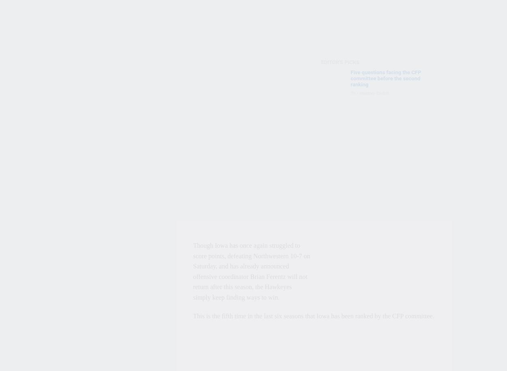 The image size is (507, 371). I want to click on 'Adam Rittenberg and Tom VanHaaren', so click(396, 126).